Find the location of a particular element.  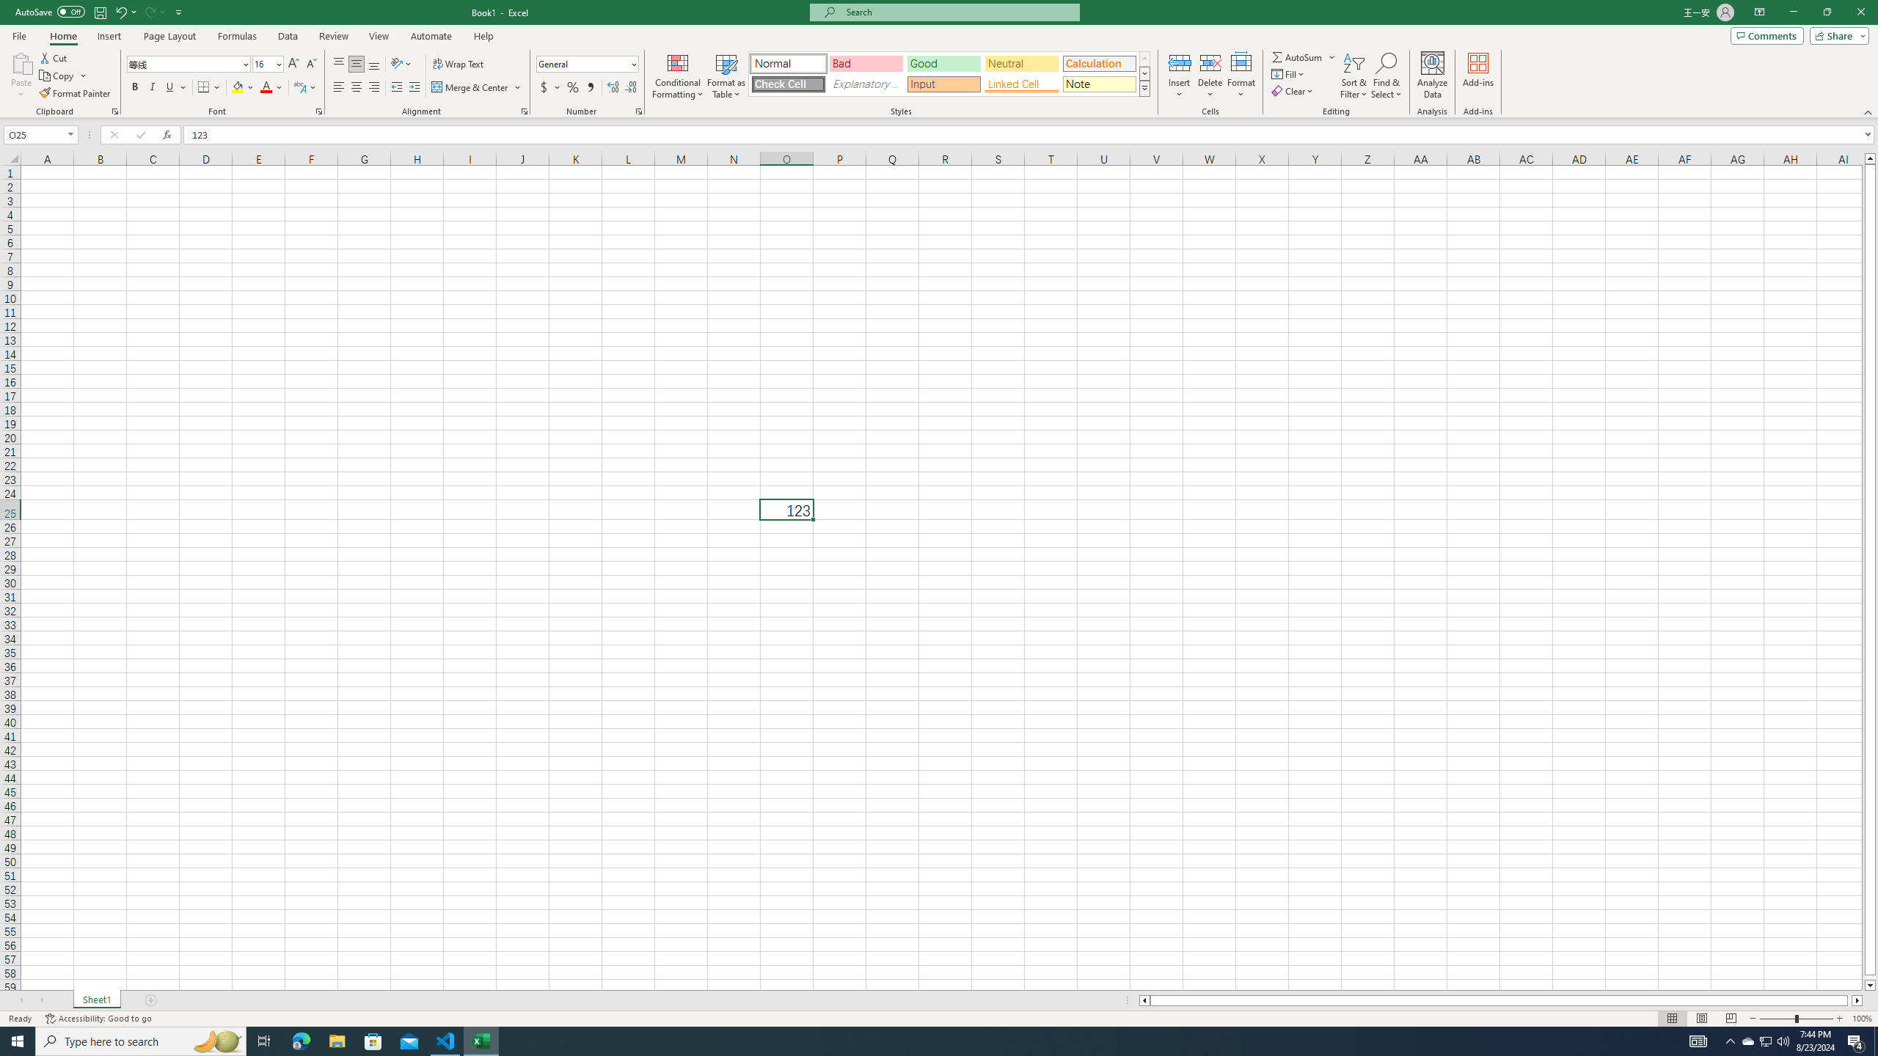

'Orientation' is located at coordinates (401, 64).